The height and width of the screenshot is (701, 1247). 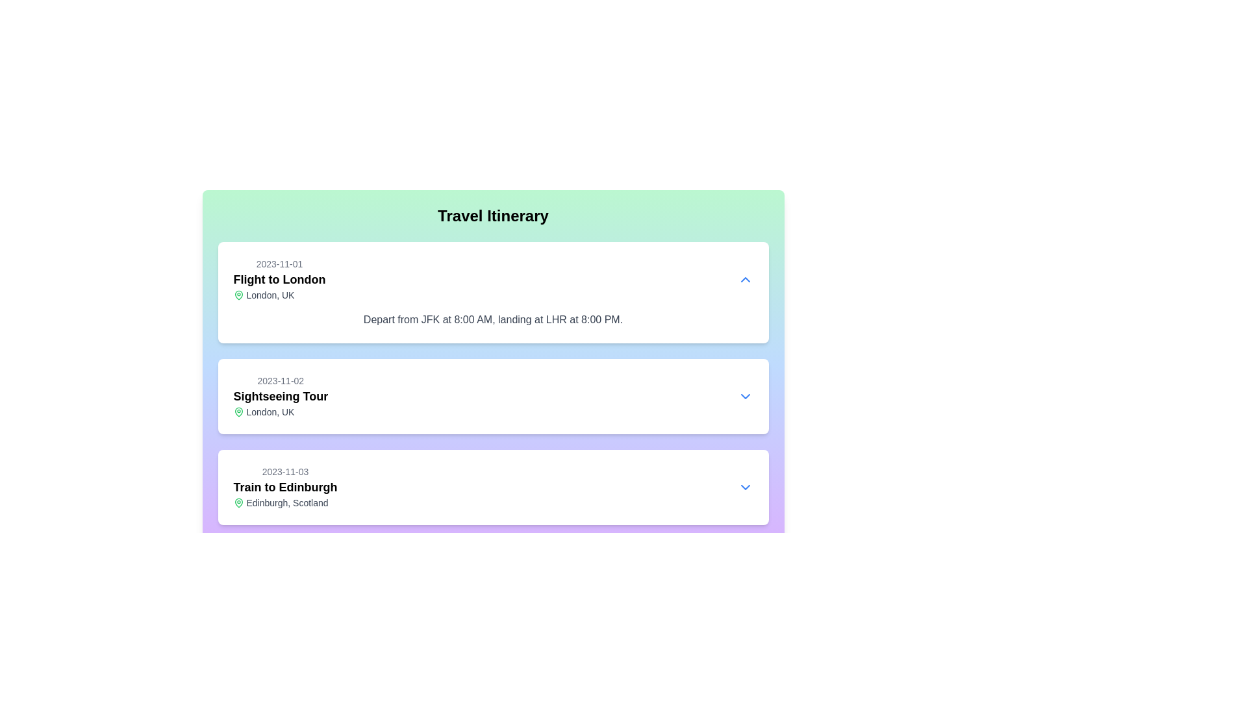 What do you see at coordinates (492, 395) in the screenshot?
I see `the Expandable travel item summary` at bounding box center [492, 395].